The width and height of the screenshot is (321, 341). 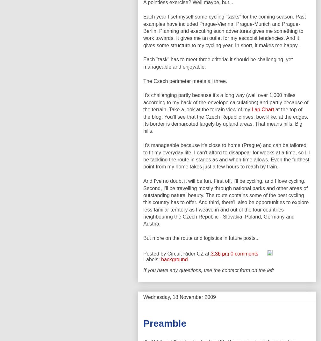 What do you see at coordinates (218, 63) in the screenshot?
I see `'Each "task" has to meet three criteria: it should be challenging, yet manageable and enjoyable.'` at bounding box center [218, 63].